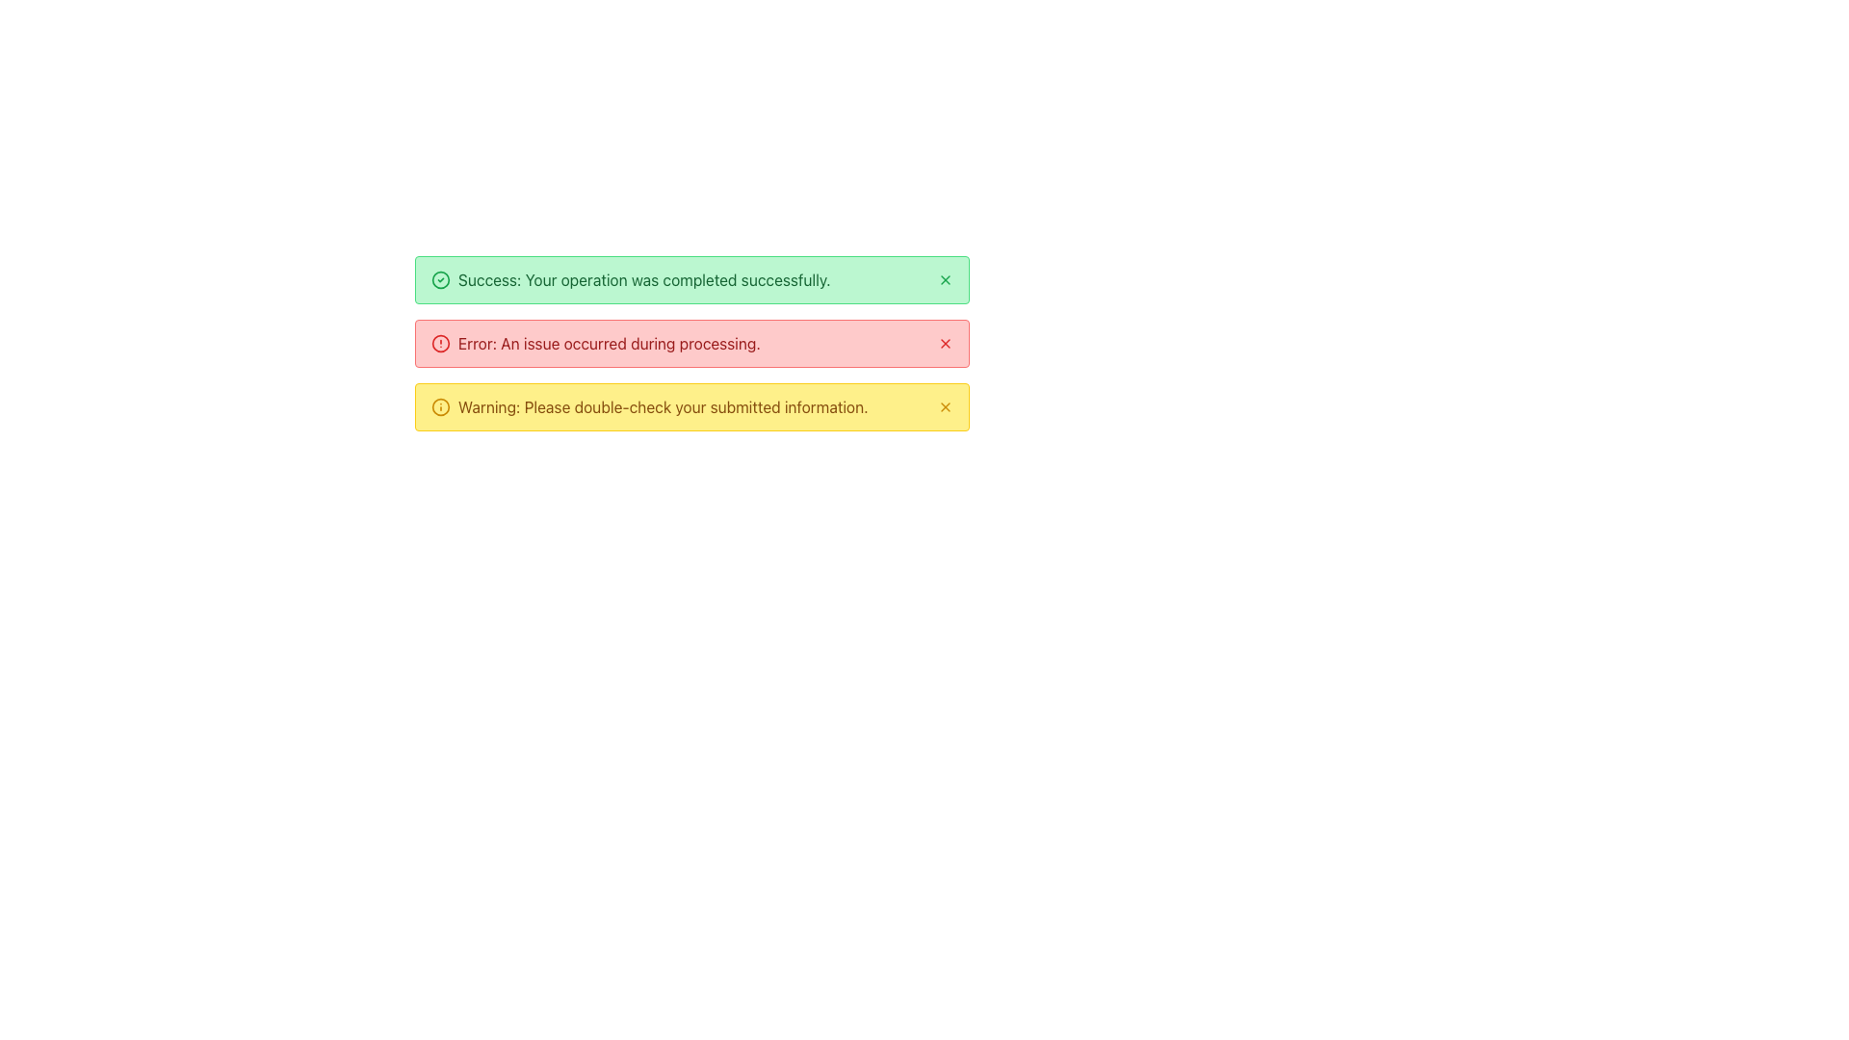  I want to click on error message from the second notification bar with a red background that contains an error message stating 'Error: An issue occurred during processing.', so click(692, 343).